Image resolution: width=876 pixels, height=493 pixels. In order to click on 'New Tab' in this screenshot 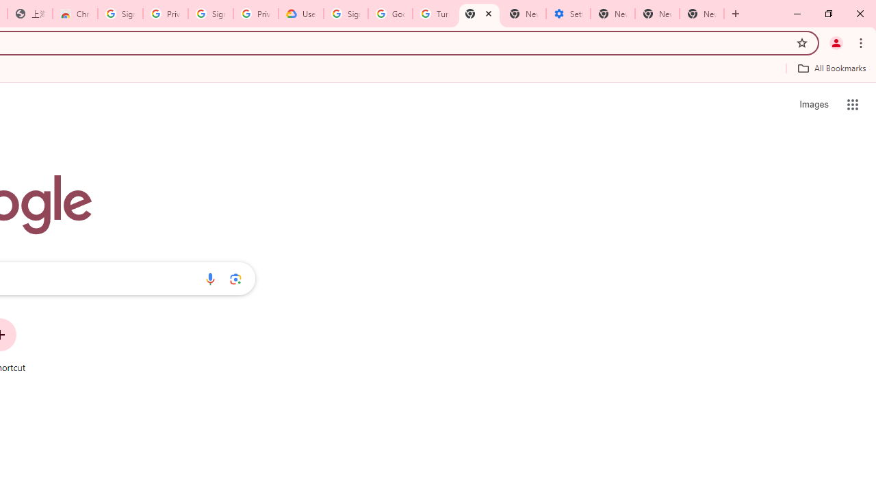, I will do `click(701, 14)`.